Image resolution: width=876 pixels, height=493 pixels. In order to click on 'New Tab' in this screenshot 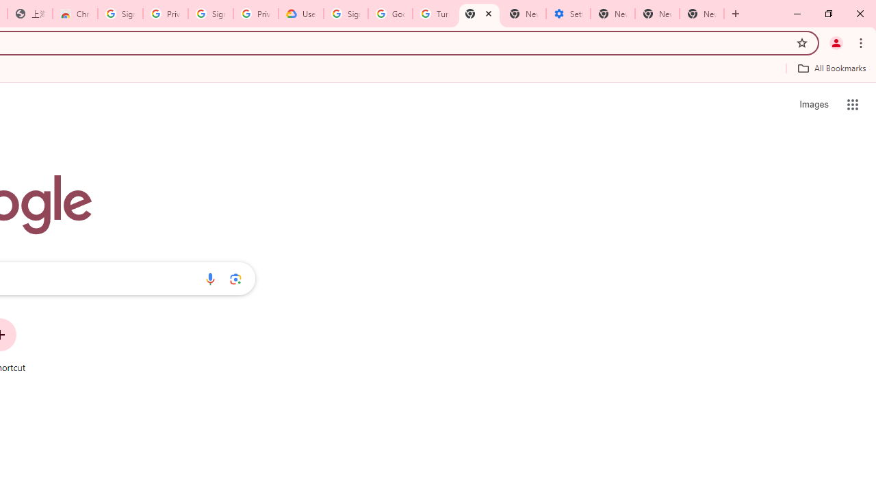, I will do `click(701, 14)`.